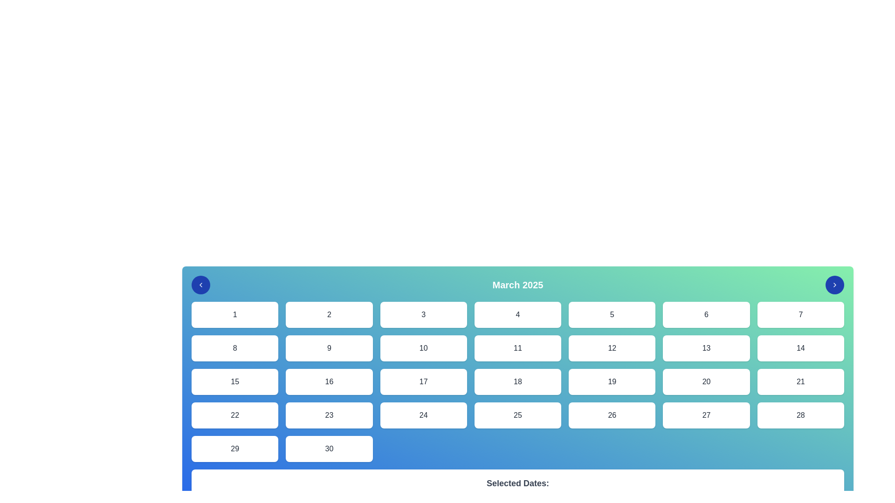 This screenshot has width=895, height=503. I want to click on the grid cell representing the calendar day located in the second row and sixth column, which is on a blue and green gradient background, so click(706, 348).